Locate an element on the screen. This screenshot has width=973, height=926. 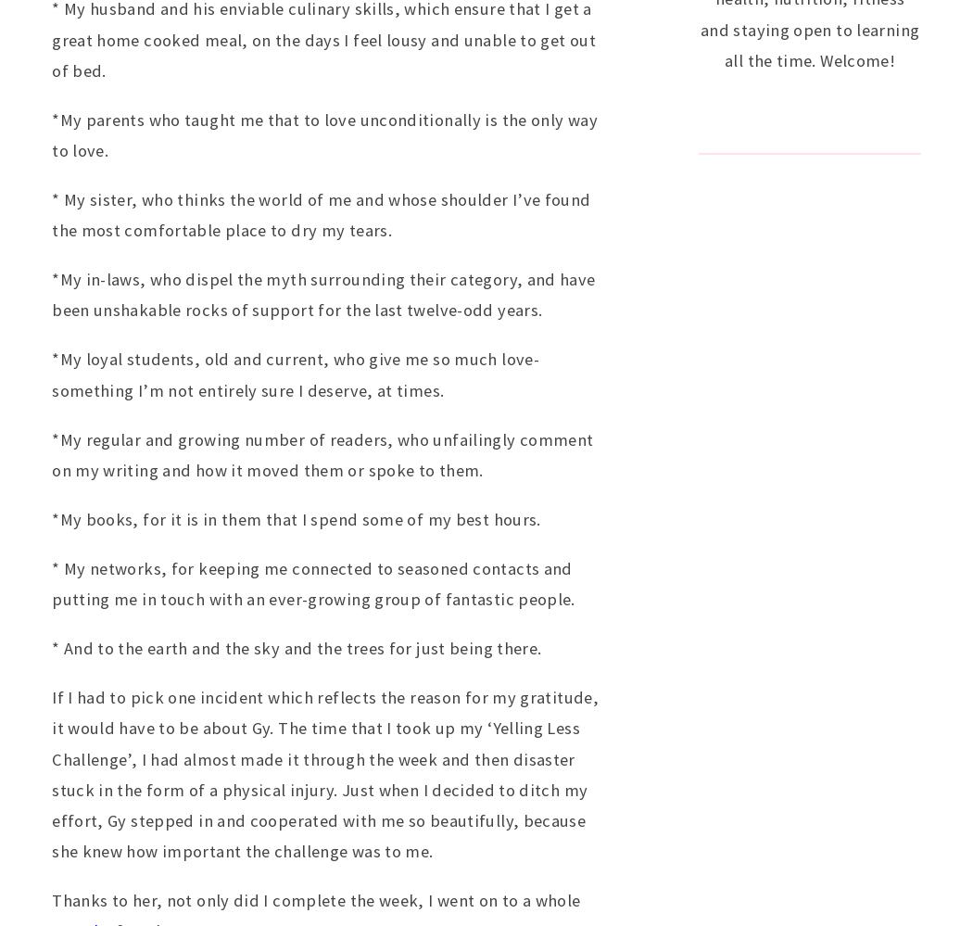
'*My in-laws, who dispel the myth surrounding their category, and have been unshakable rocks of support for the last twelve-odd years.' is located at coordinates (322, 293).